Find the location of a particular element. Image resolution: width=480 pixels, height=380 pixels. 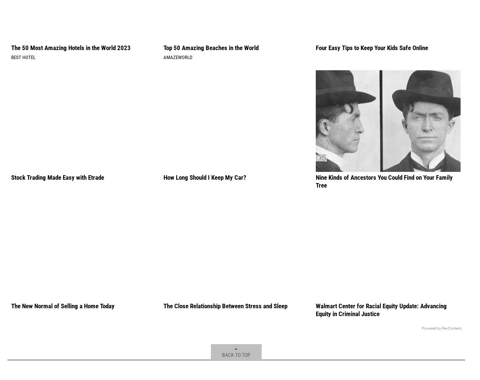

'elections' is located at coordinates (84, 12).